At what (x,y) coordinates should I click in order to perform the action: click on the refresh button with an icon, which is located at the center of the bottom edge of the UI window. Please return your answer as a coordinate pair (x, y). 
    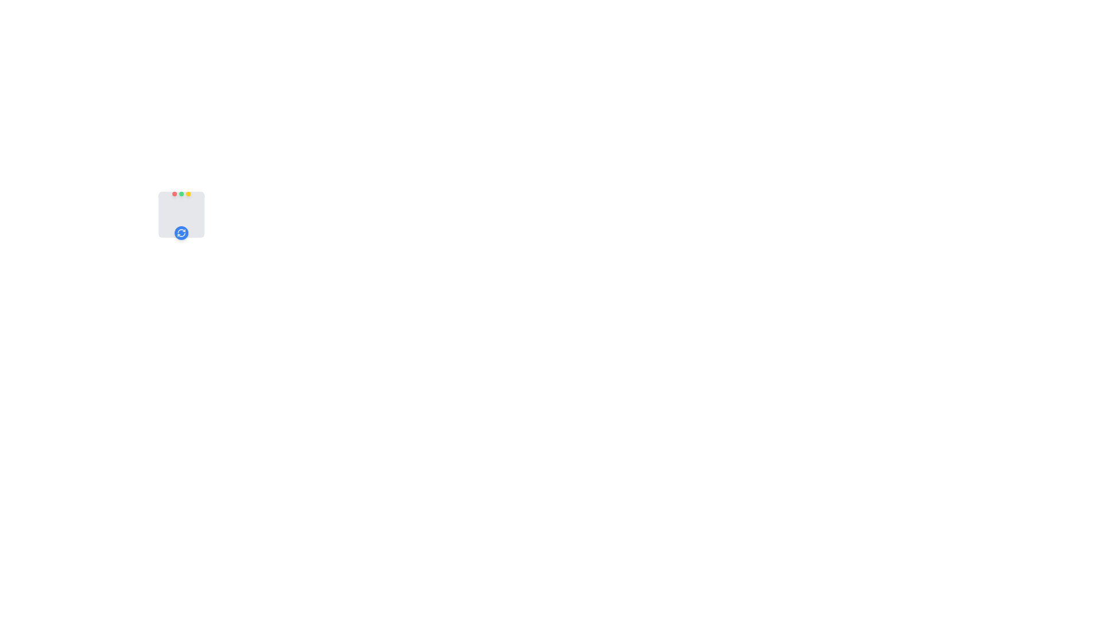
    Looking at the image, I should click on (181, 232).